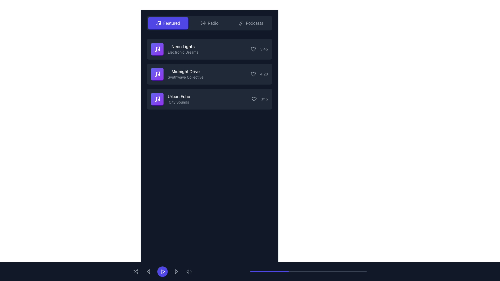 The width and height of the screenshot is (500, 281). I want to click on the static text display for the track 'Urban Echo' with the description 'City Sounds', which is the third list item in the sidebar of music tracks, so click(179, 99).